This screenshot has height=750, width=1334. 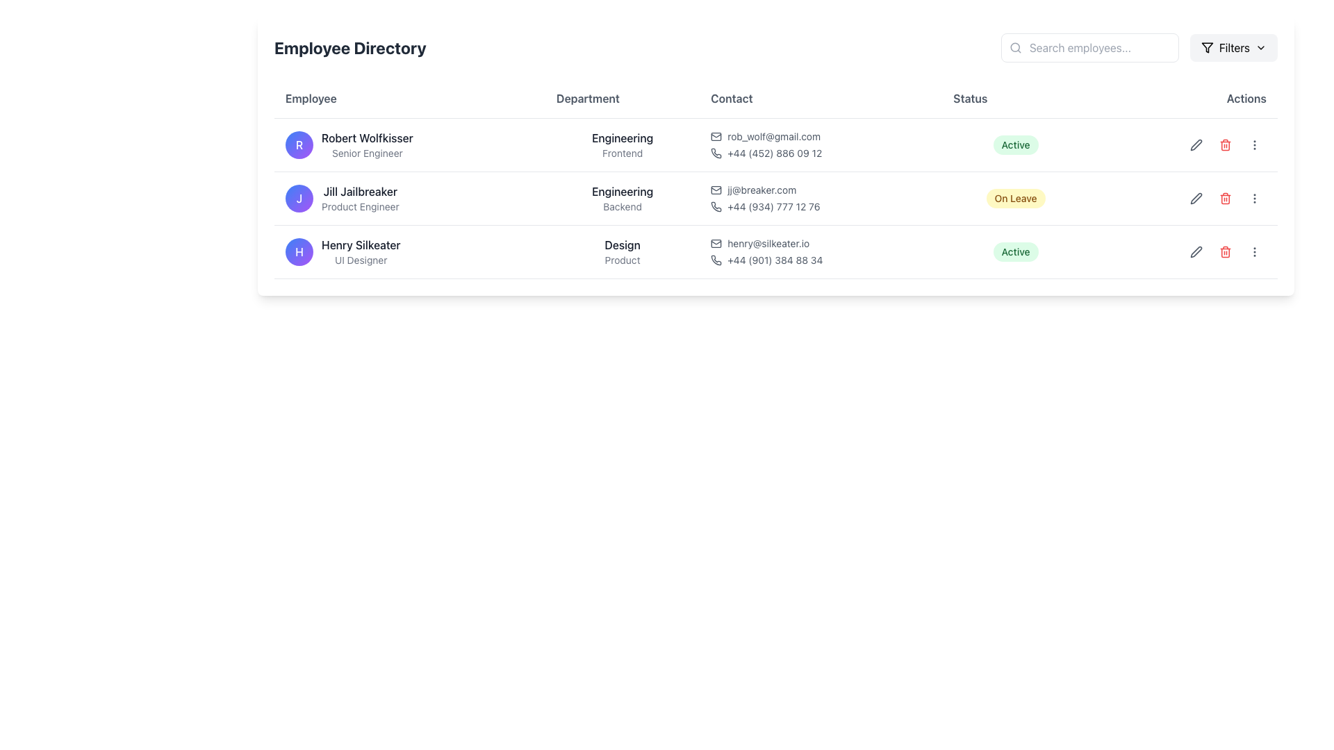 What do you see at coordinates (1225, 251) in the screenshot?
I see `the delete button located in the 'Actions' column of the third row in the table` at bounding box center [1225, 251].